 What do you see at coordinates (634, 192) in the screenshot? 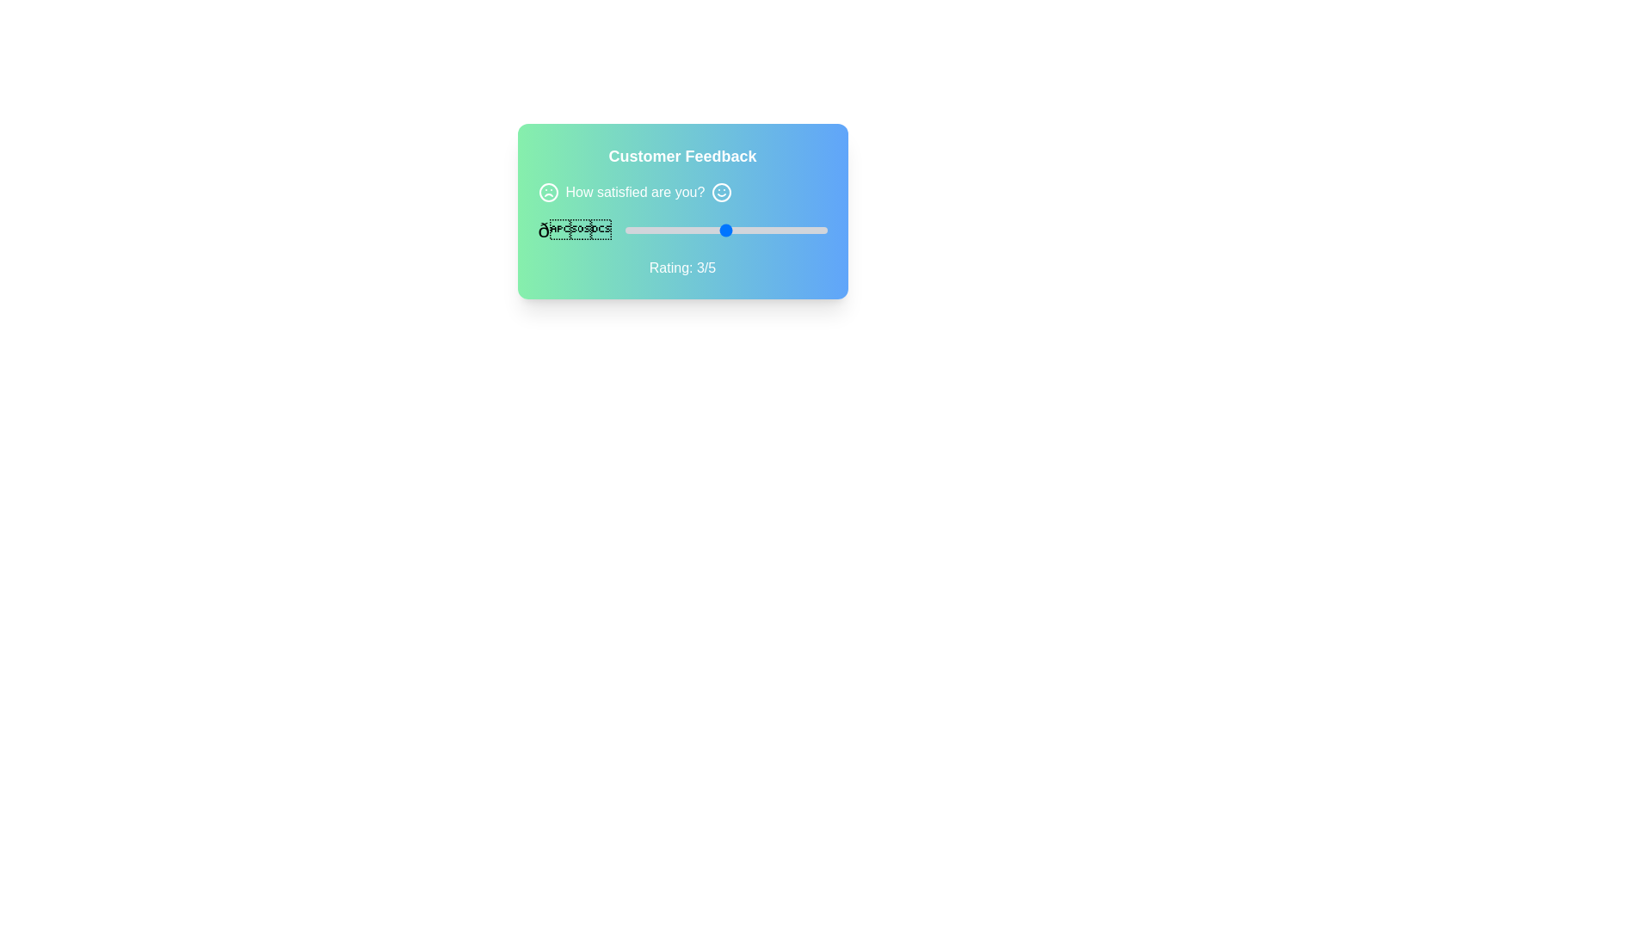
I see `text label that says 'How satisfied are you?' which is styled in white font and centrally located within a feedback card layout` at bounding box center [634, 192].